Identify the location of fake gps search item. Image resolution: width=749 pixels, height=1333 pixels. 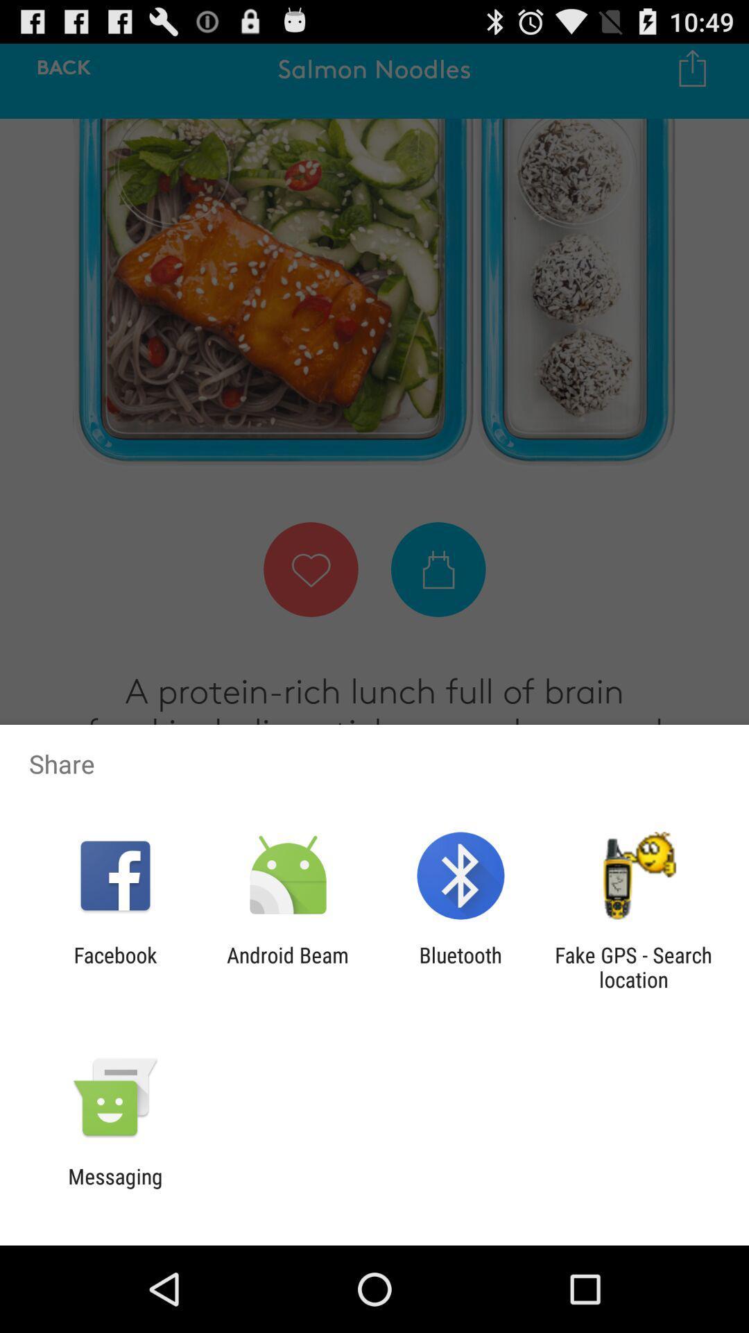
(633, 966).